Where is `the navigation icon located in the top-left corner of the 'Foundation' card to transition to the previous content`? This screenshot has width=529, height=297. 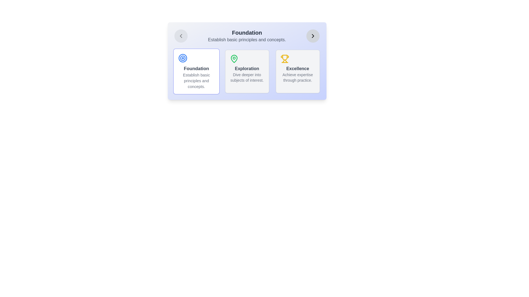 the navigation icon located in the top-left corner of the 'Foundation' card to transition to the previous content is located at coordinates (181, 36).